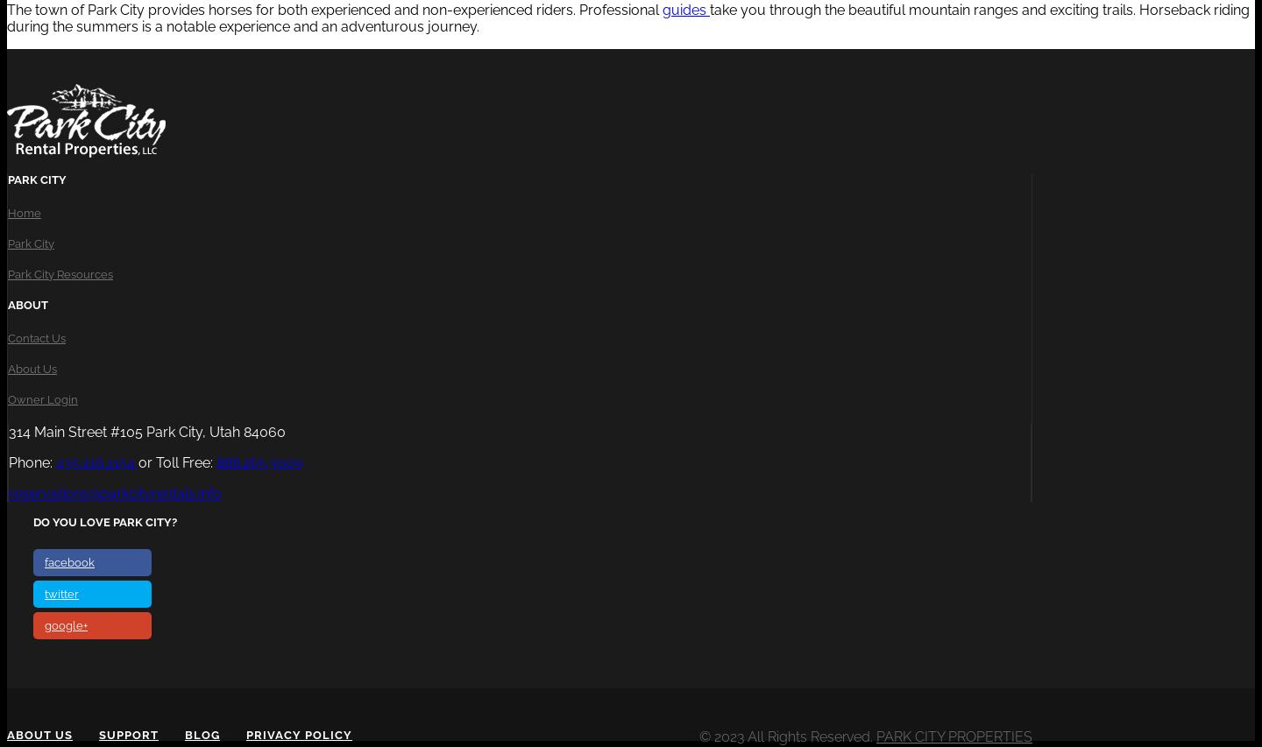 Image resolution: width=1262 pixels, height=747 pixels. I want to click on 'take you through the beautiful mountain ranges and exciting trails. Horseback riding during the summers is a notable experience and an adventurous journey.', so click(627, 16).